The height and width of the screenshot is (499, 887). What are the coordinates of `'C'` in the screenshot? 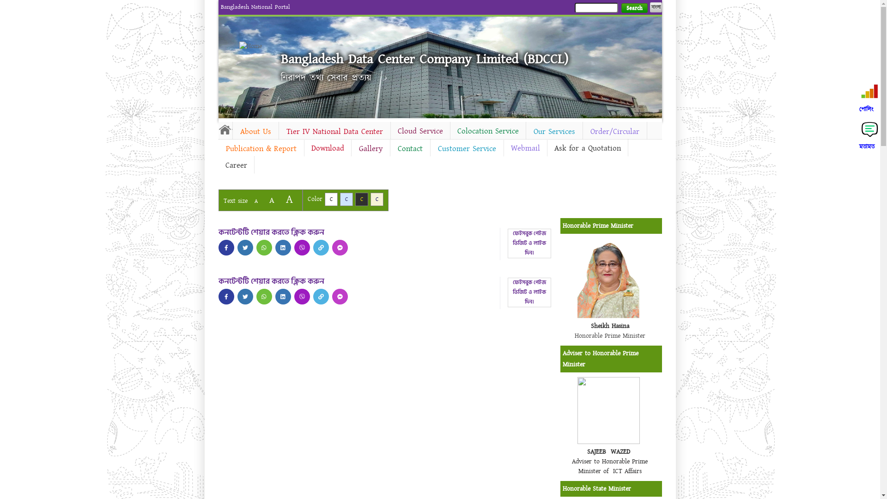 It's located at (377, 199).